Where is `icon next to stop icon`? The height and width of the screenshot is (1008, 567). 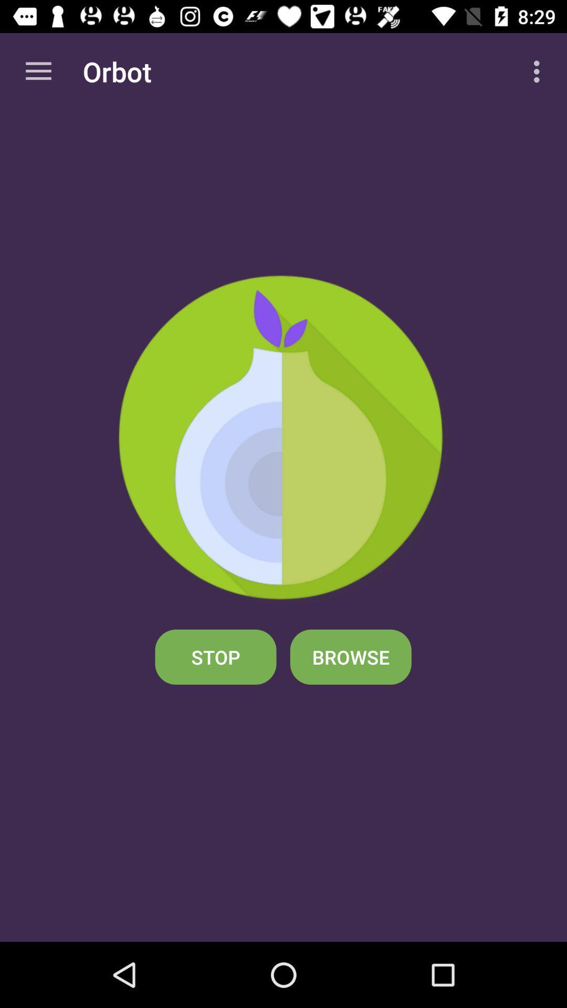
icon next to stop icon is located at coordinates (351, 656).